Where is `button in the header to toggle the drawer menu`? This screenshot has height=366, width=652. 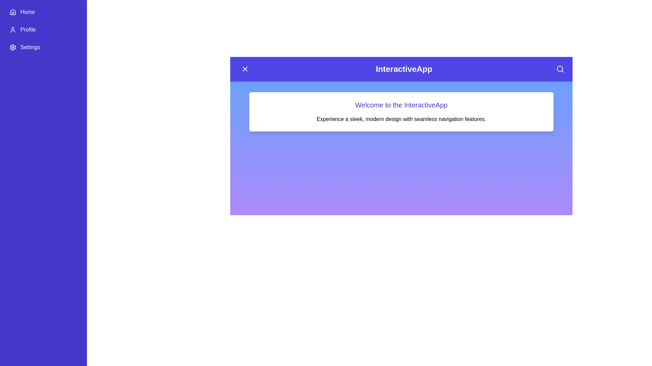 button in the header to toggle the drawer menu is located at coordinates (244, 69).